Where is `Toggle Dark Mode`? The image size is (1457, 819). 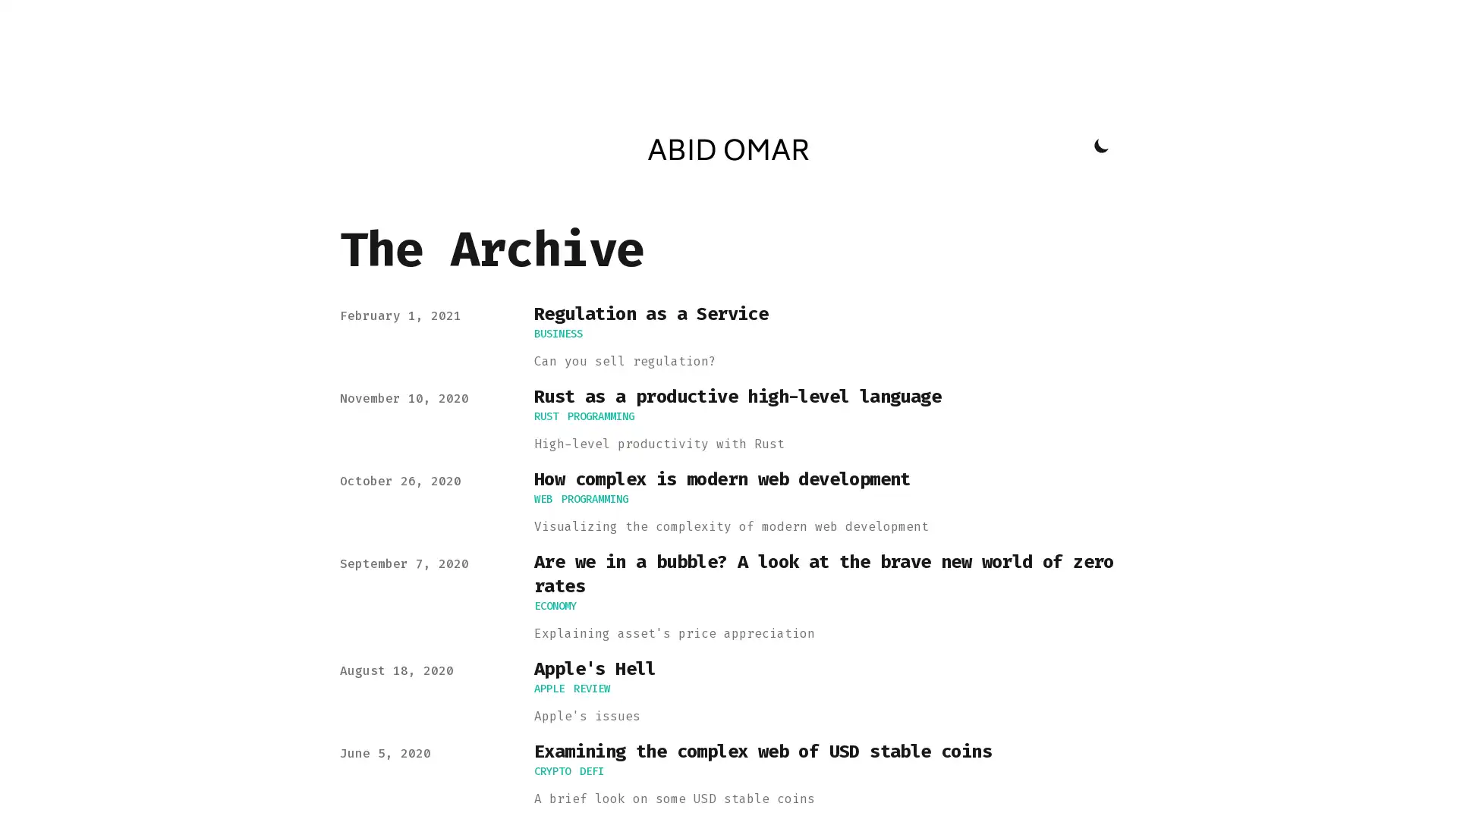
Toggle Dark Mode is located at coordinates (1101, 146).